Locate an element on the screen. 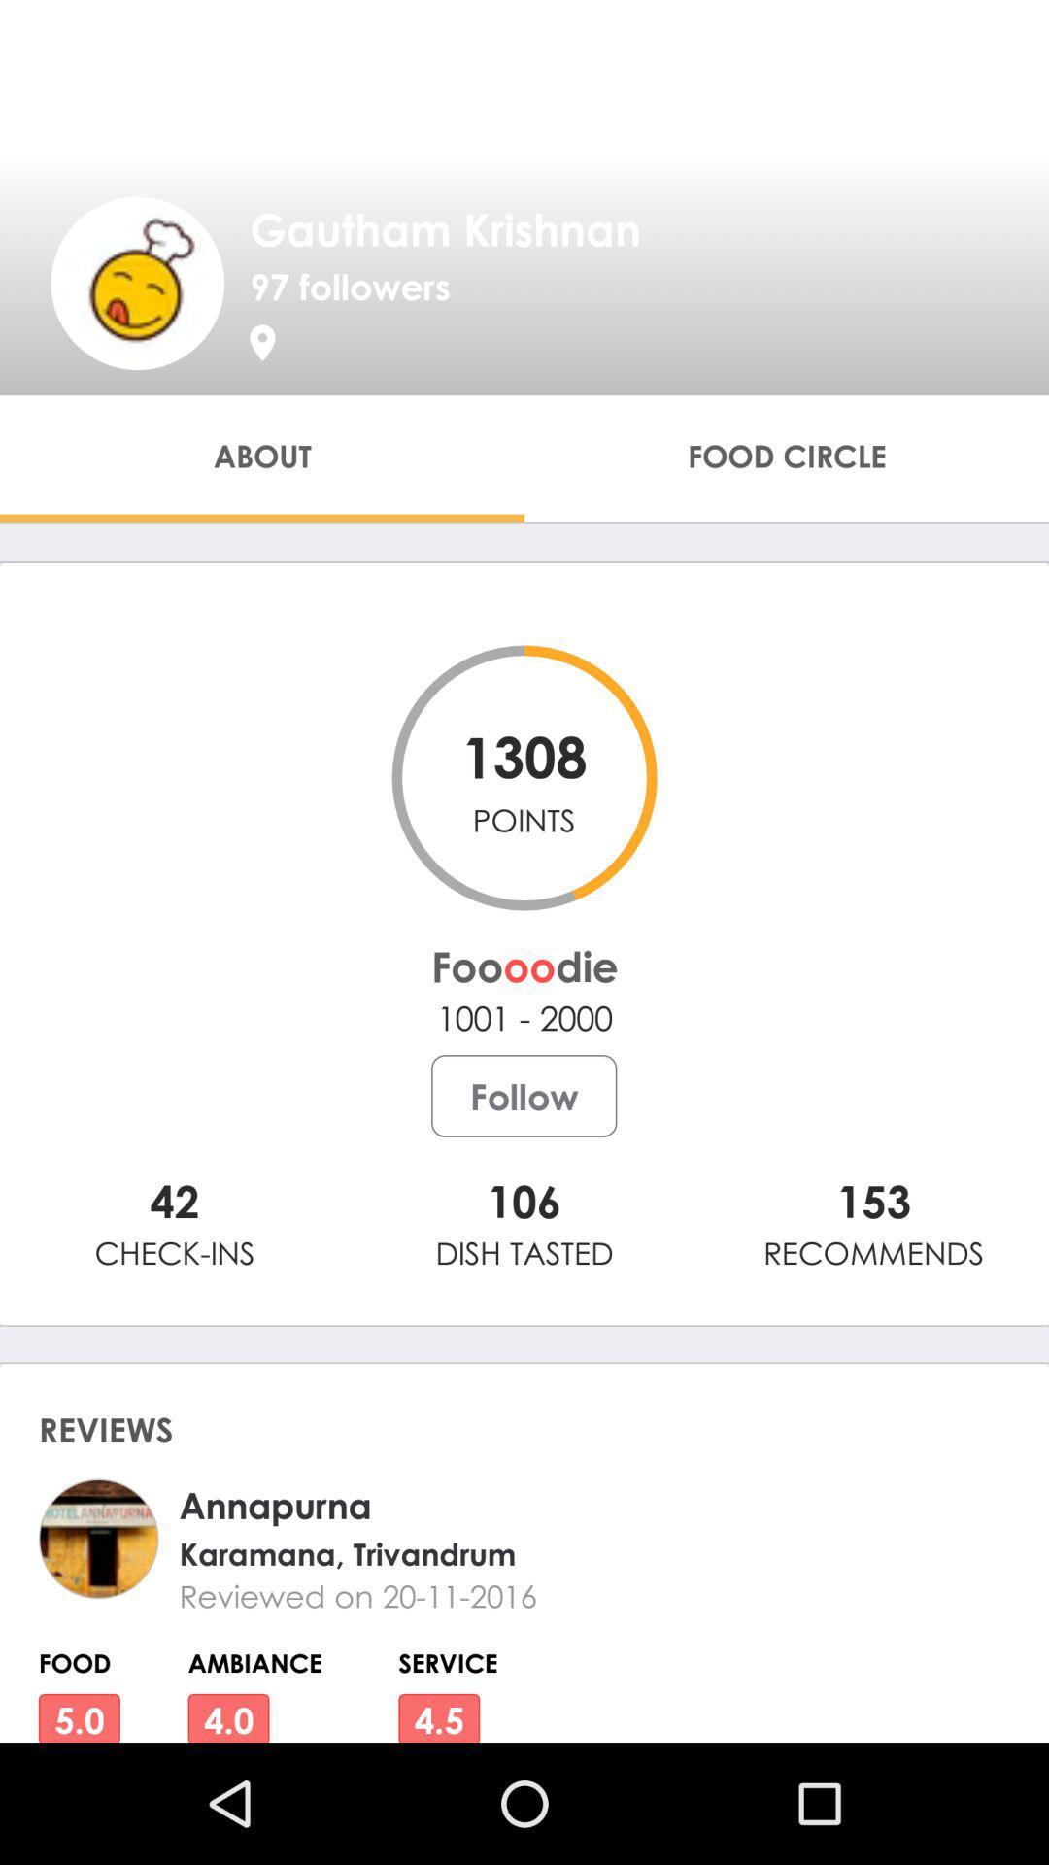 This screenshot has width=1049, height=1865. the emoji icon is located at coordinates (136, 282).